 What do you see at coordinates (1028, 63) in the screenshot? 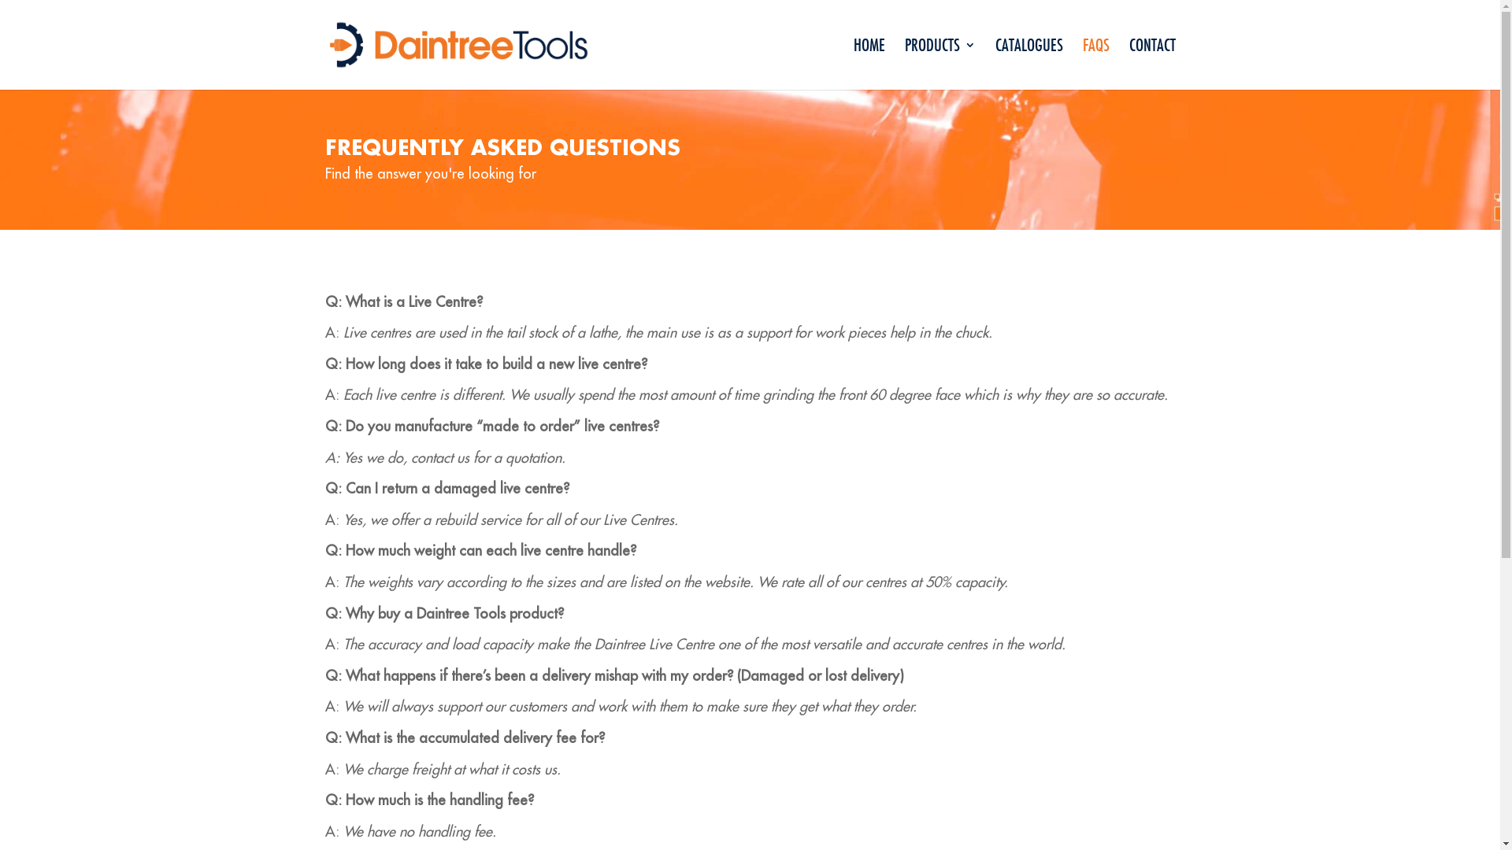
I see `'CATALOGUES'` at bounding box center [1028, 63].